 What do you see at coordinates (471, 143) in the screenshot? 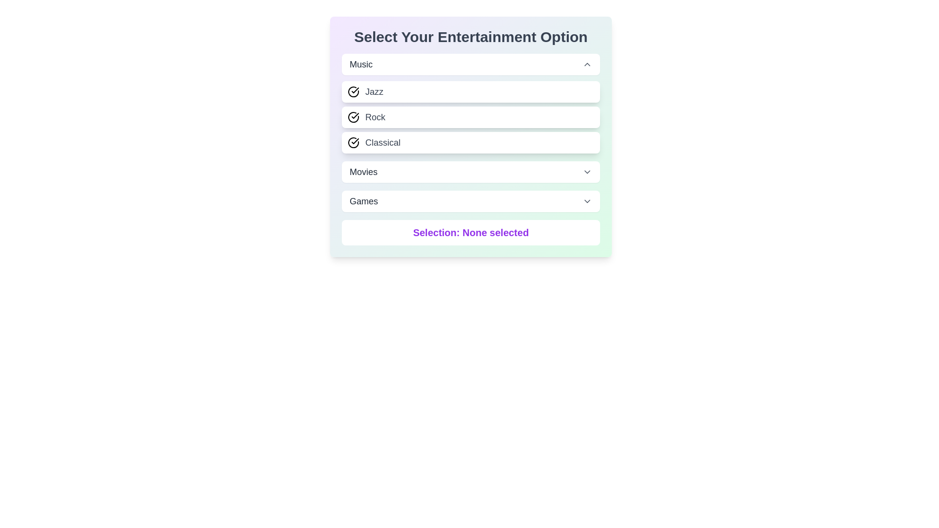
I see `the 'Classical' selectable option in the 'Music' category, which is the third option under Music and is centered horizontally` at bounding box center [471, 143].